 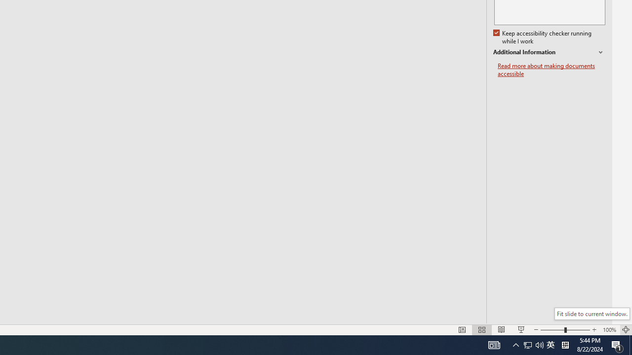 What do you see at coordinates (565, 330) in the screenshot?
I see `'Zoom'` at bounding box center [565, 330].